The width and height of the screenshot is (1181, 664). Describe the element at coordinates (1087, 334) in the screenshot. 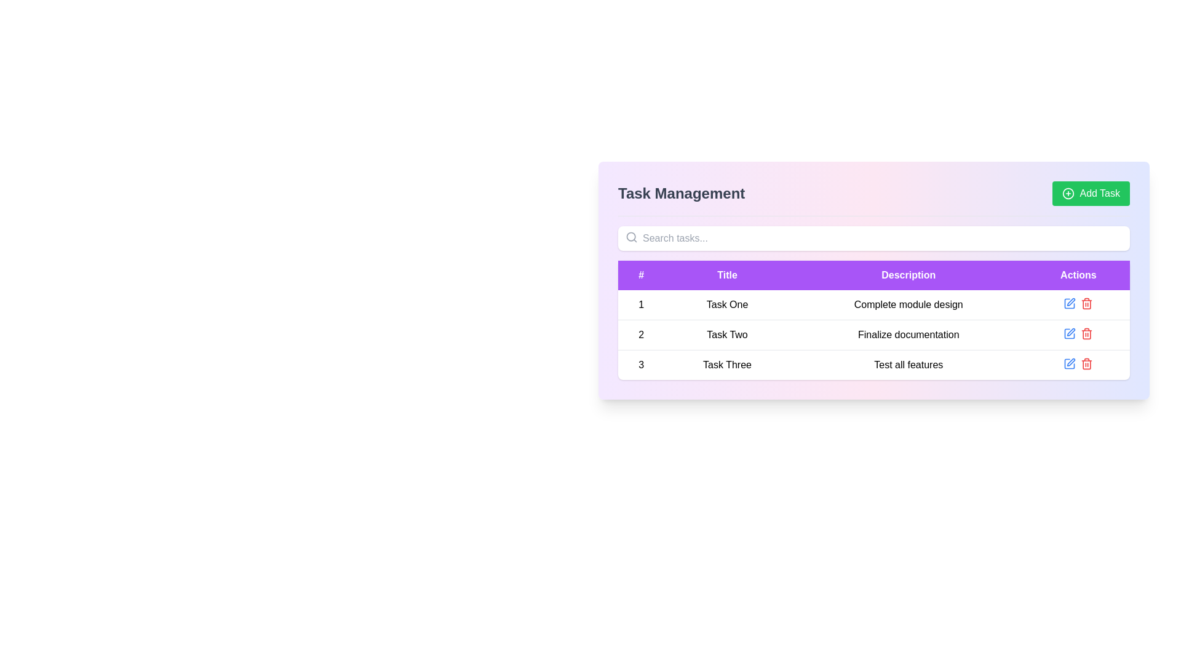

I see `the side panel of the trash can icon located in the 'Actions' column of the table for the third row` at that location.